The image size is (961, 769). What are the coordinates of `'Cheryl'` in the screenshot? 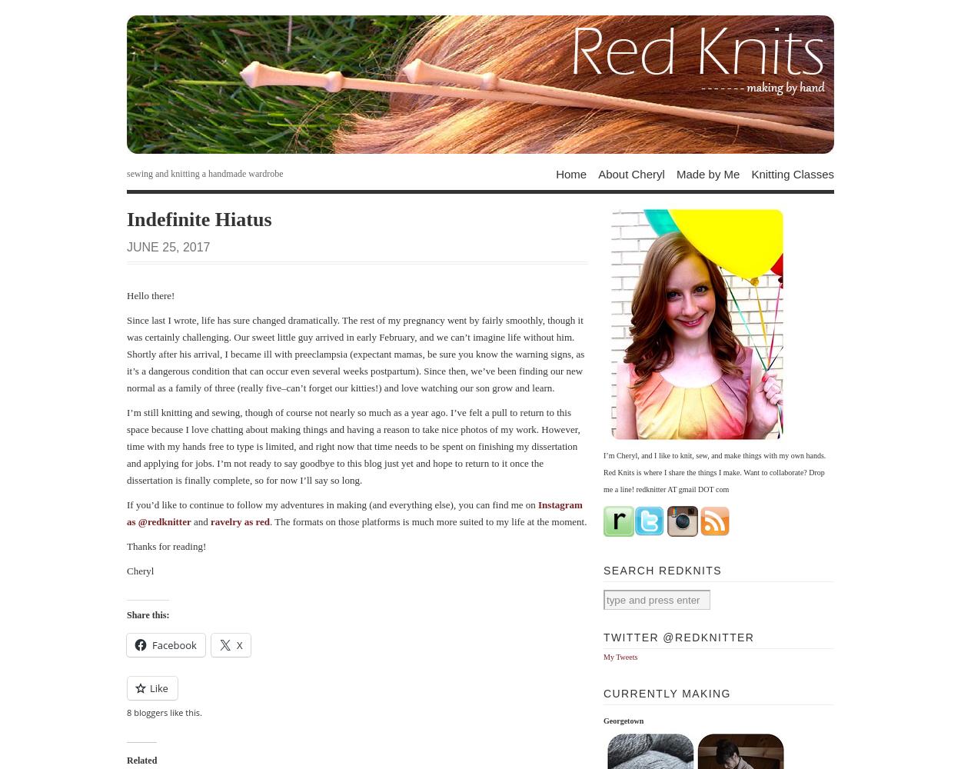 It's located at (127, 569).